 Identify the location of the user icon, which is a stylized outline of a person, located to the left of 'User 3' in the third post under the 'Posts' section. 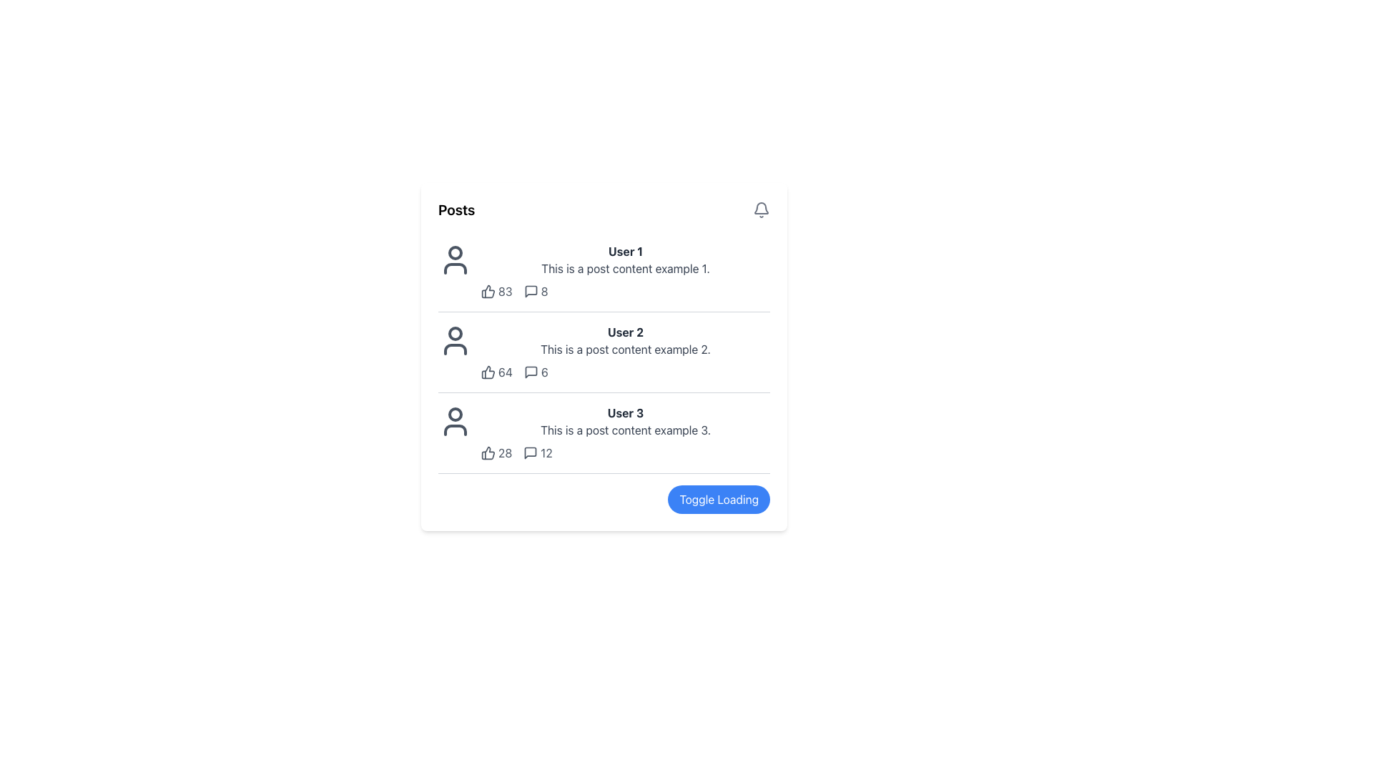
(455, 421).